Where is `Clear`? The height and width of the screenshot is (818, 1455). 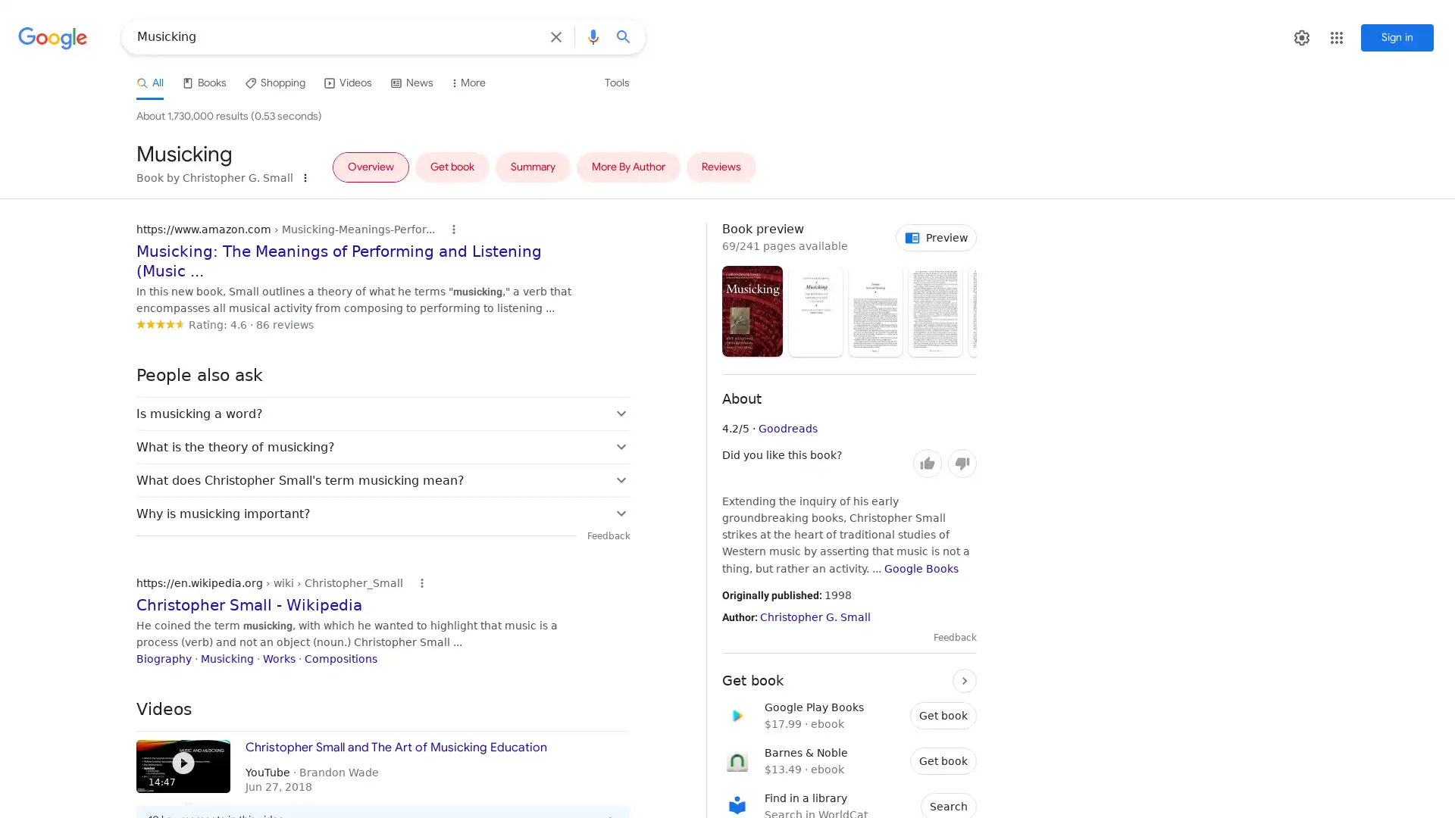 Clear is located at coordinates (559, 36).